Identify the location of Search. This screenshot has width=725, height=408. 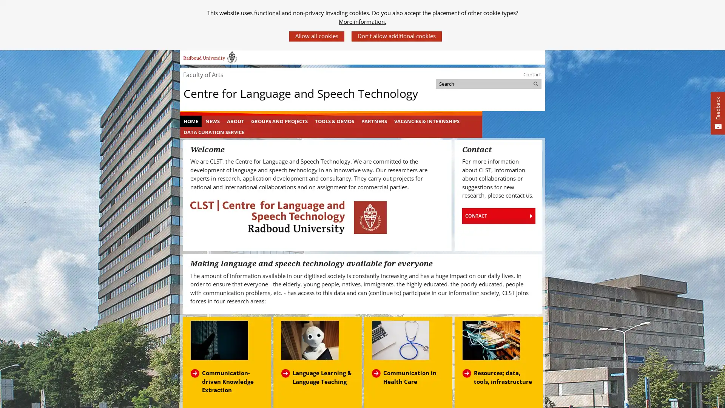
(536, 84).